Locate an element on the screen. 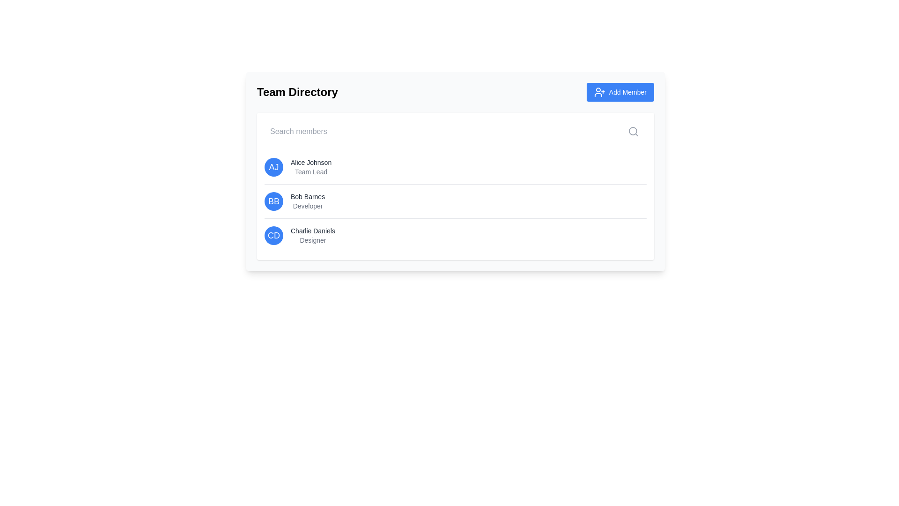 Image resolution: width=899 pixels, height=506 pixels. the magnifying glass icon located on the far right inside the search bar is located at coordinates (634, 132).